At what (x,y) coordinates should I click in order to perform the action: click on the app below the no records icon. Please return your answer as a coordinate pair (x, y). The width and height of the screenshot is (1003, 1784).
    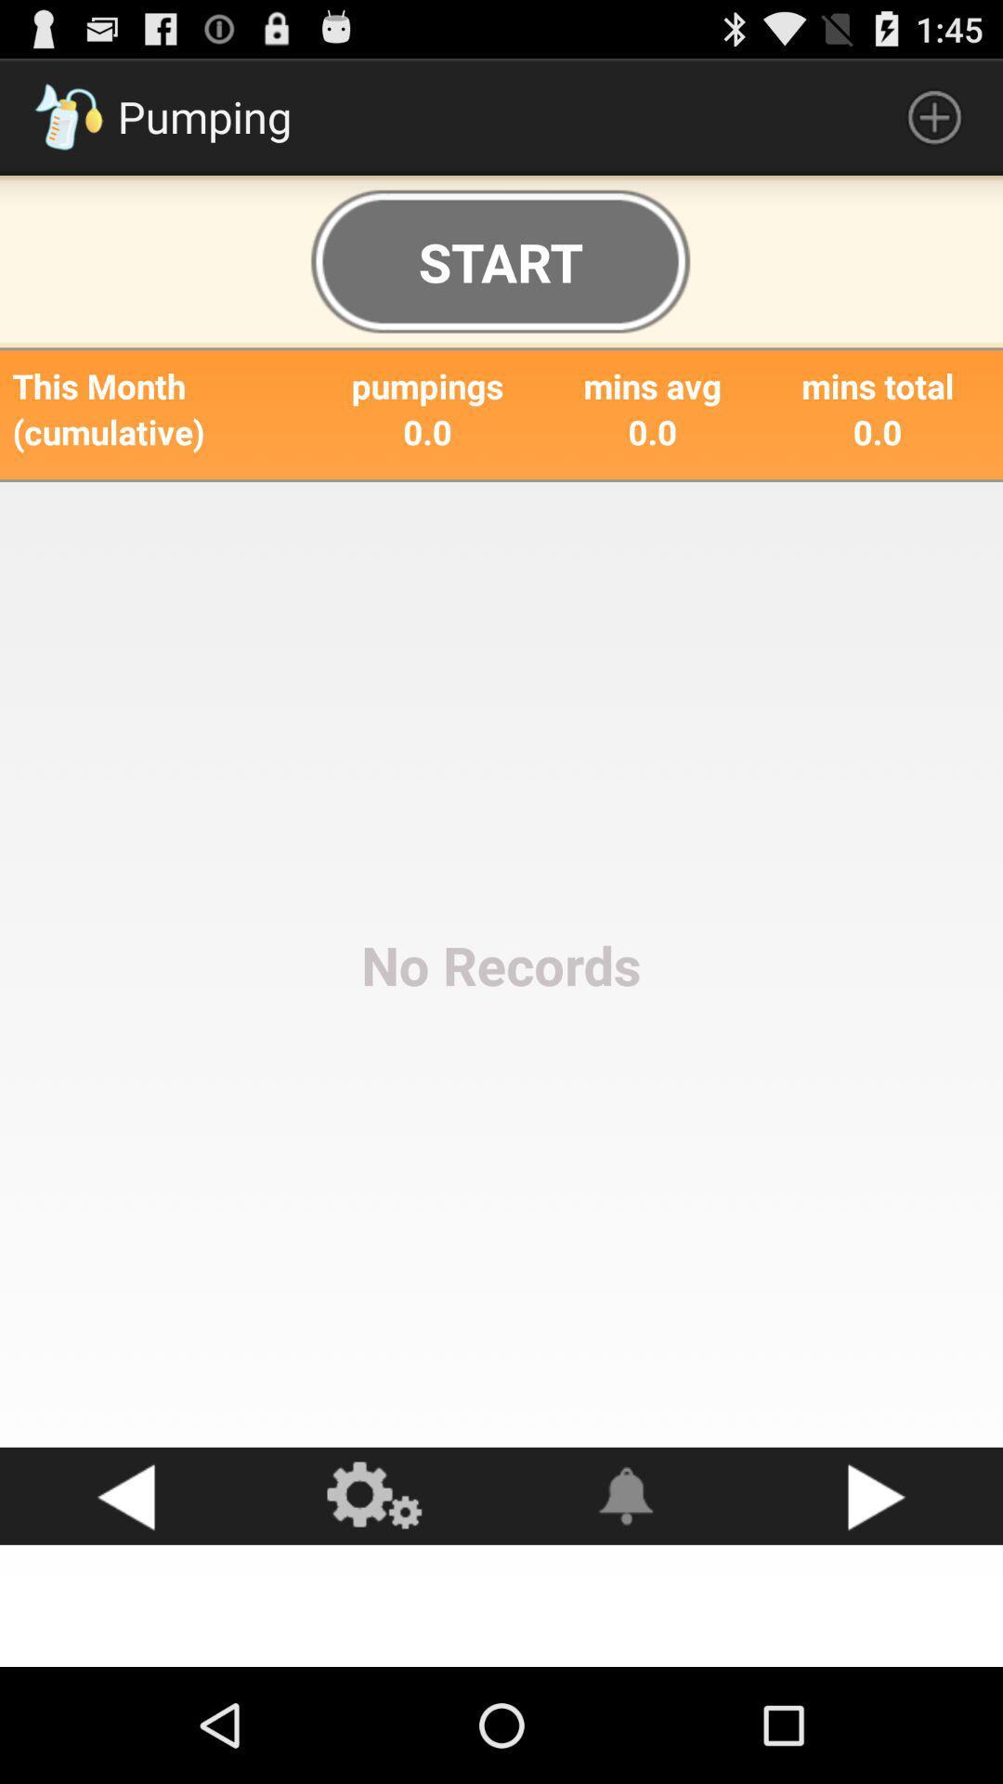
    Looking at the image, I should click on (878, 1496).